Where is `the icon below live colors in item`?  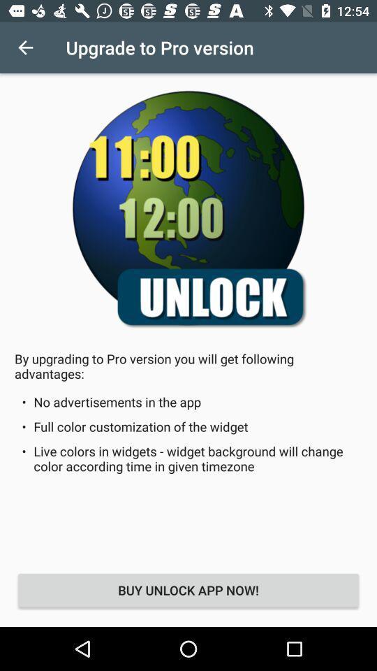
the icon below live colors in item is located at coordinates (188, 589).